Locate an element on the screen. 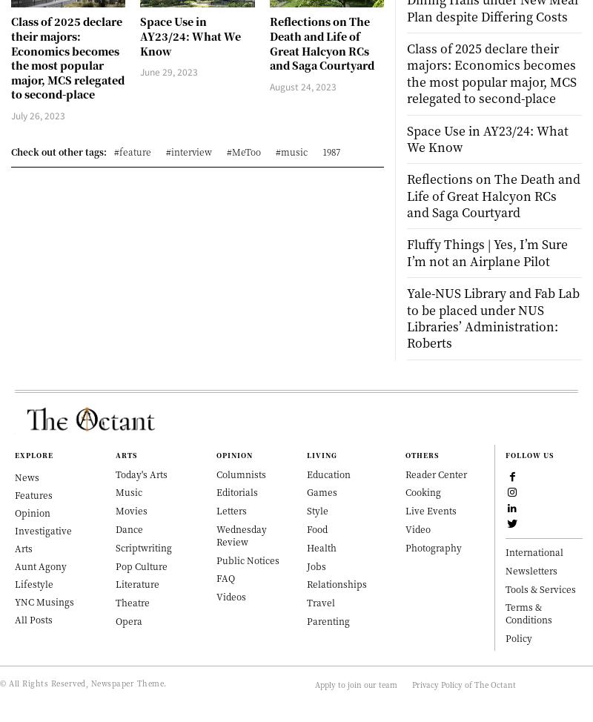 The width and height of the screenshot is (593, 722). 'Music' is located at coordinates (127, 491).